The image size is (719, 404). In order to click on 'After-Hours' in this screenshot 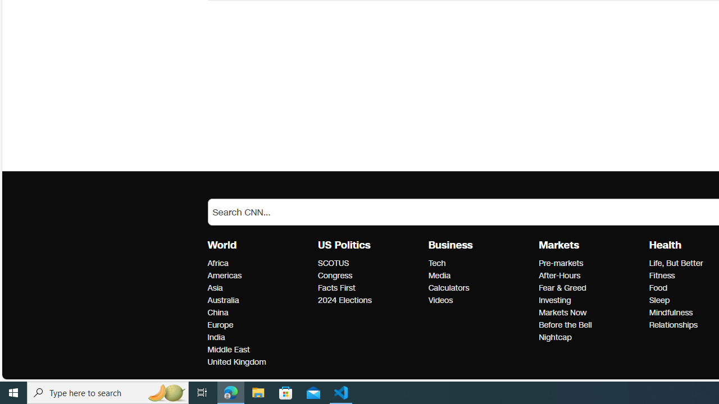, I will do `click(590, 276)`.